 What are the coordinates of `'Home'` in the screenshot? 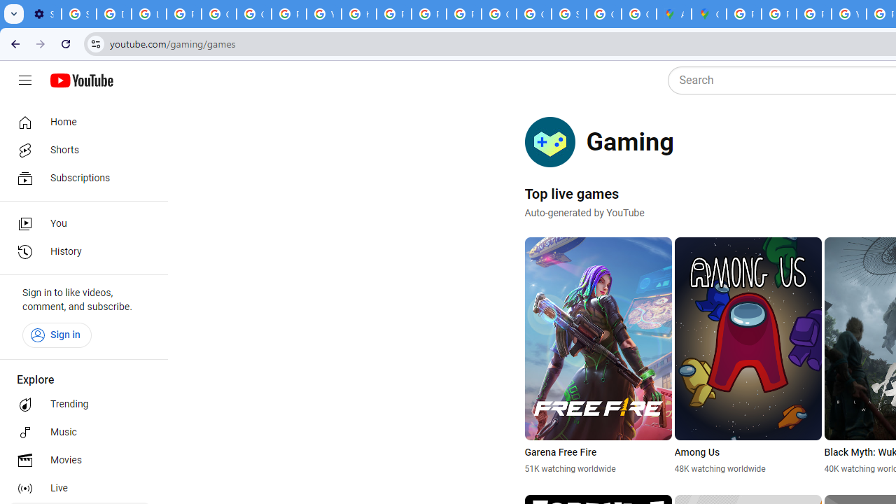 It's located at (78, 121).